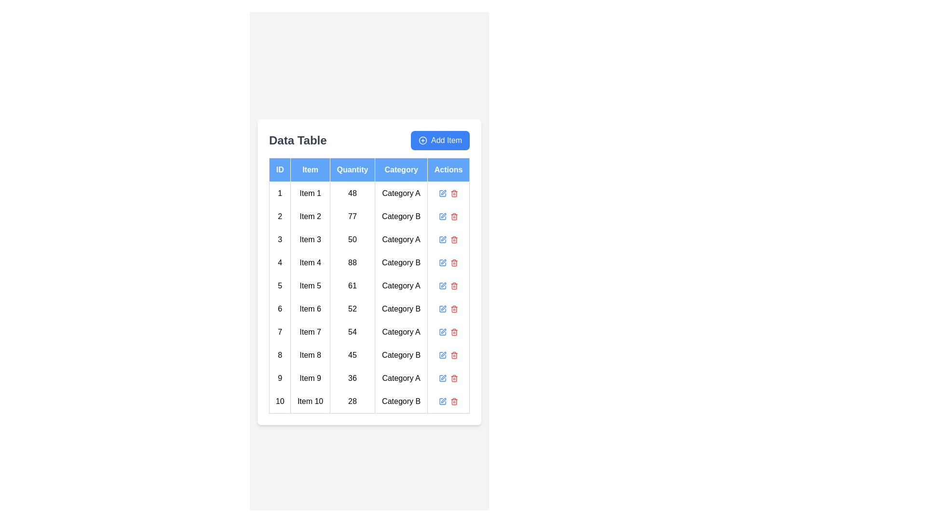 The width and height of the screenshot is (926, 520). What do you see at coordinates (442, 193) in the screenshot?
I see `the blue square icon button with a pen symbol located in the first row of the 'Actions' column in the data table` at bounding box center [442, 193].